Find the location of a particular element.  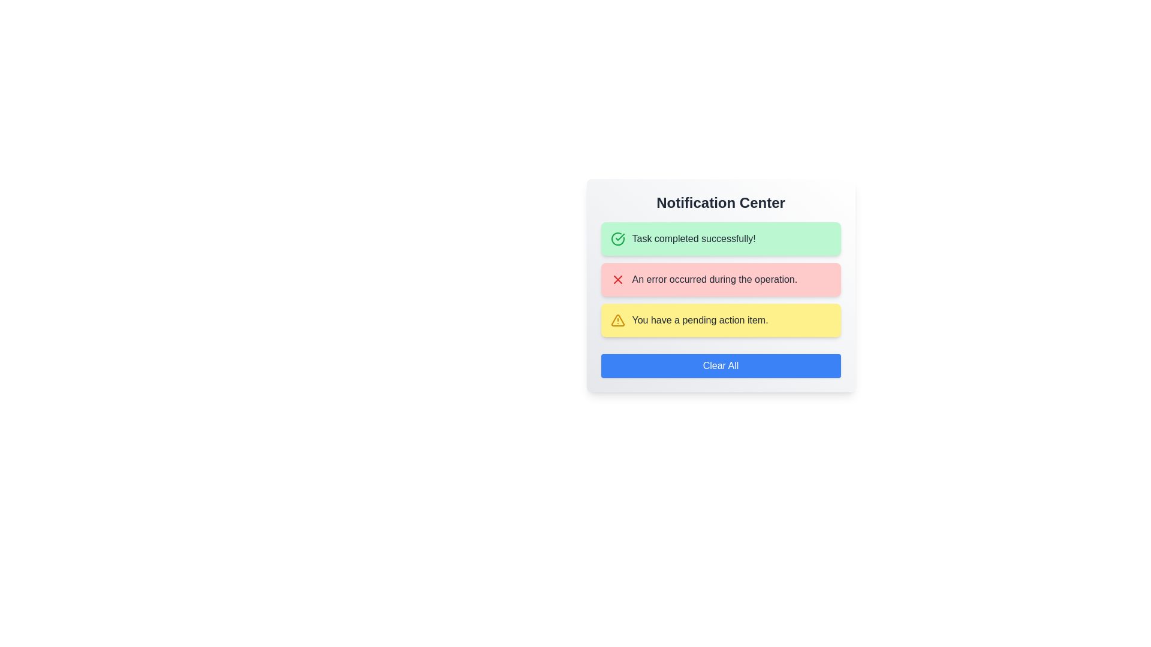

the triangular, yellow outlined icon with a central exclamation mark, located on the third line of the notification list next to the message 'You have a pending action item.' is located at coordinates (617, 320).